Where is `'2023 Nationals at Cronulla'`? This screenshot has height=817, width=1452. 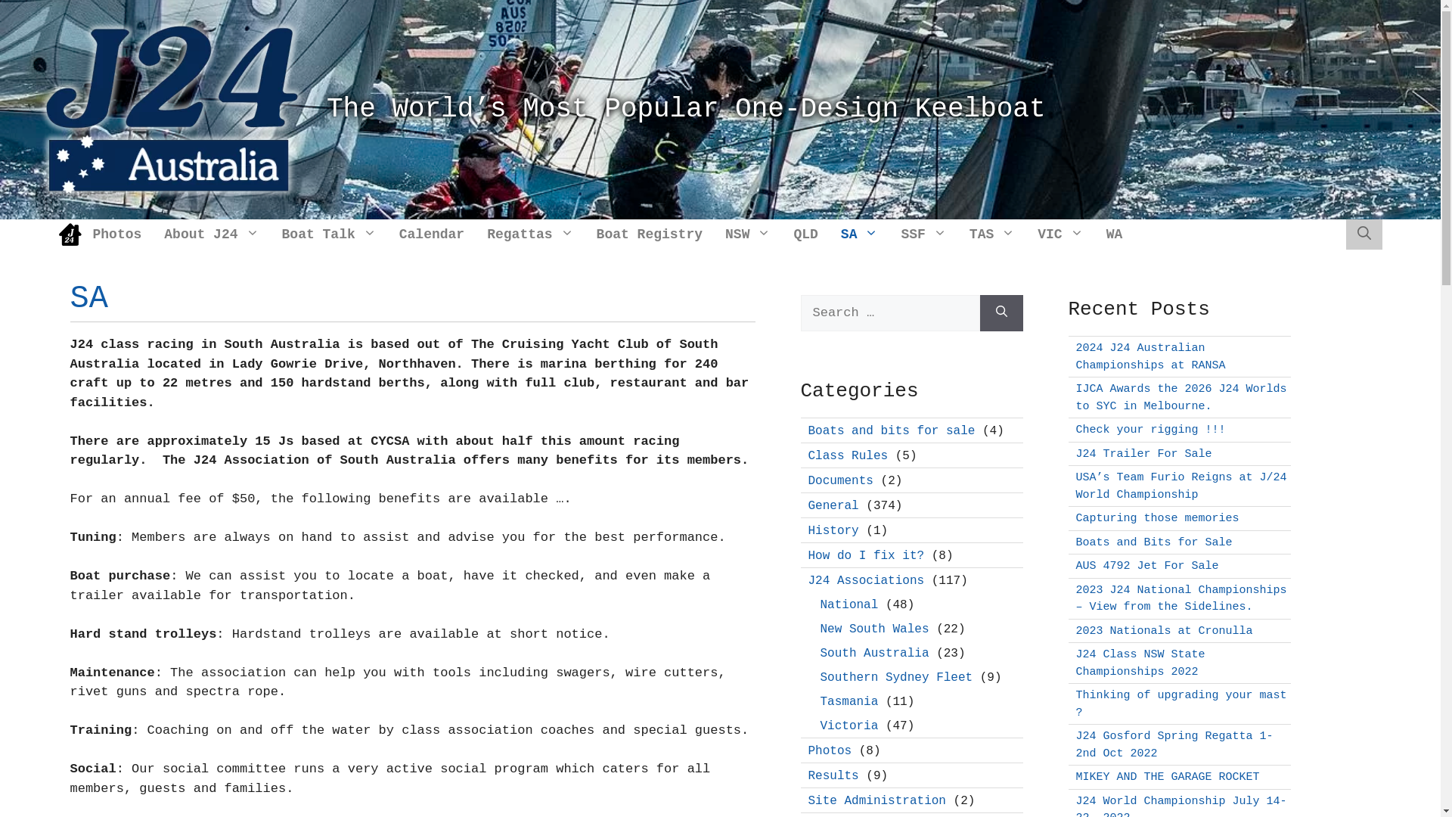
'2023 Nationals at Cronulla' is located at coordinates (1163, 631).